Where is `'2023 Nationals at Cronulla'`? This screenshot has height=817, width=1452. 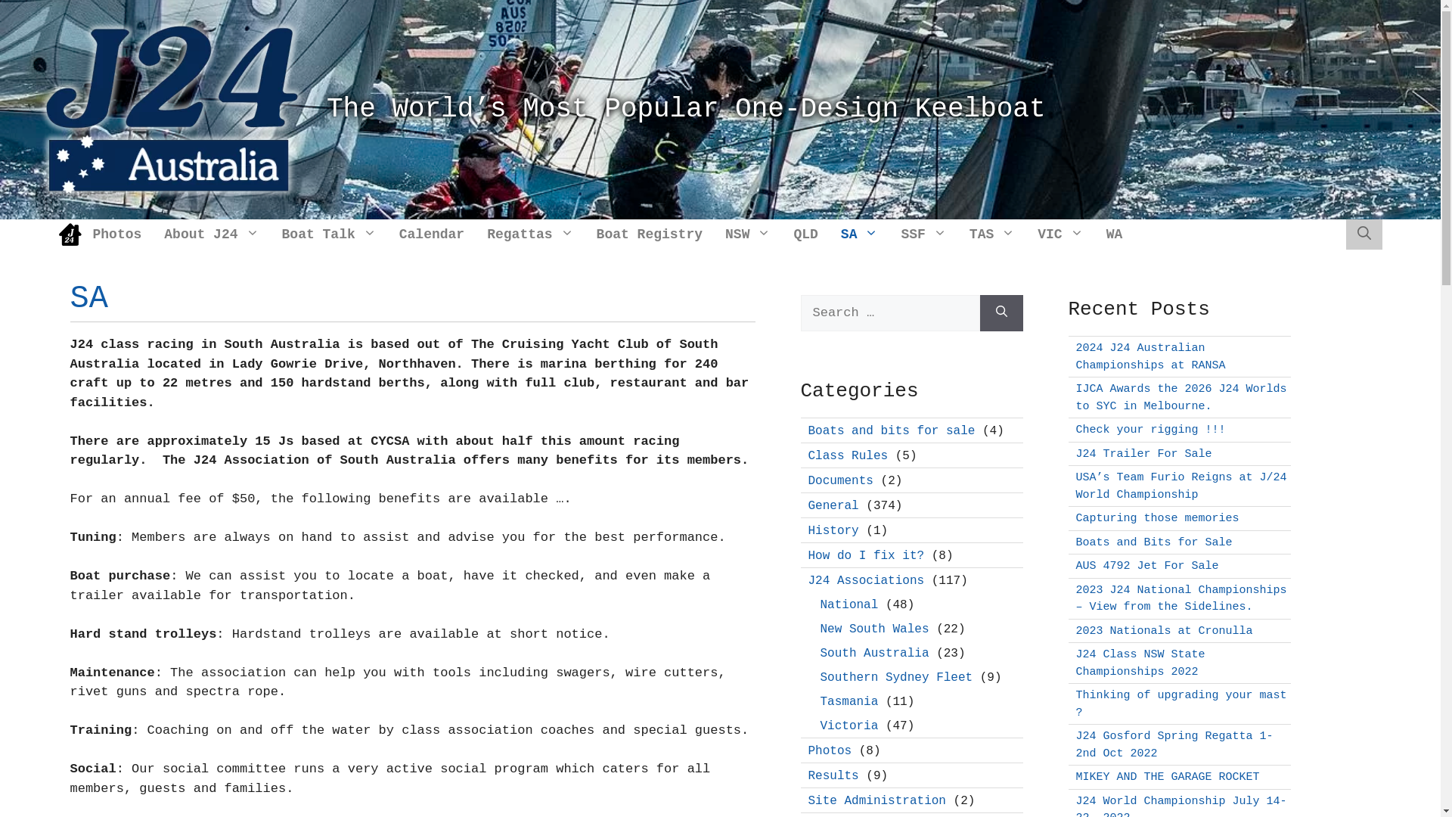
'2023 Nationals at Cronulla' is located at coordinates (1163, 631).